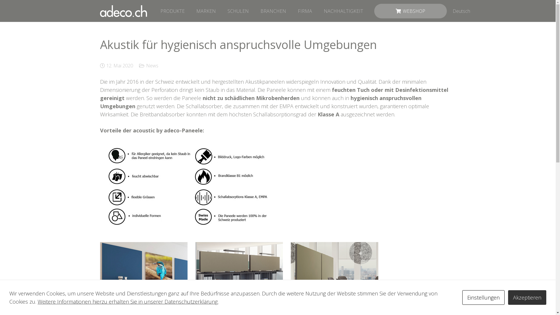  Describe the element at coordinates (527, 297) in the screenshot. I see `'Akzeptieren'` at that location.